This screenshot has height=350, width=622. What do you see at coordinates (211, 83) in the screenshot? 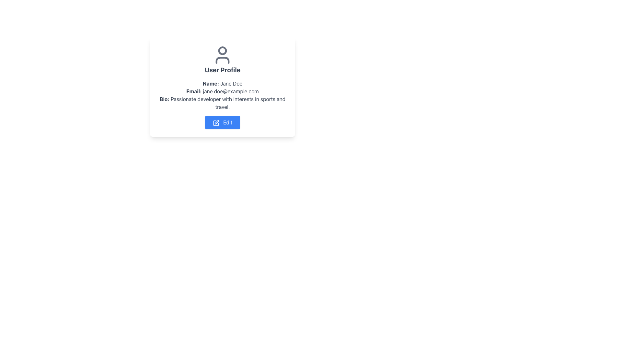
I see `the Text Label that identifies the user's name, located ahead of the text 'Jane Doe' in the User Profile section` at bounding box center [211, 83].